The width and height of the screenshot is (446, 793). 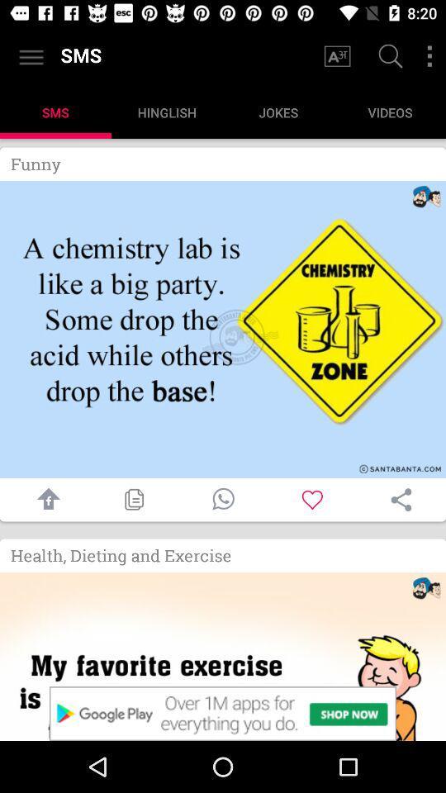 I want to click on copy sms, so click(x=133, y=499).